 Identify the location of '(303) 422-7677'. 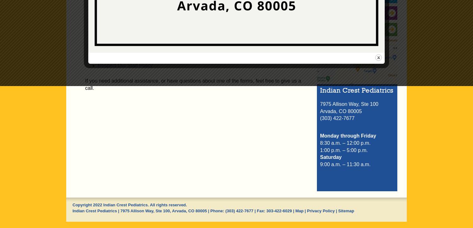
(239, 210).